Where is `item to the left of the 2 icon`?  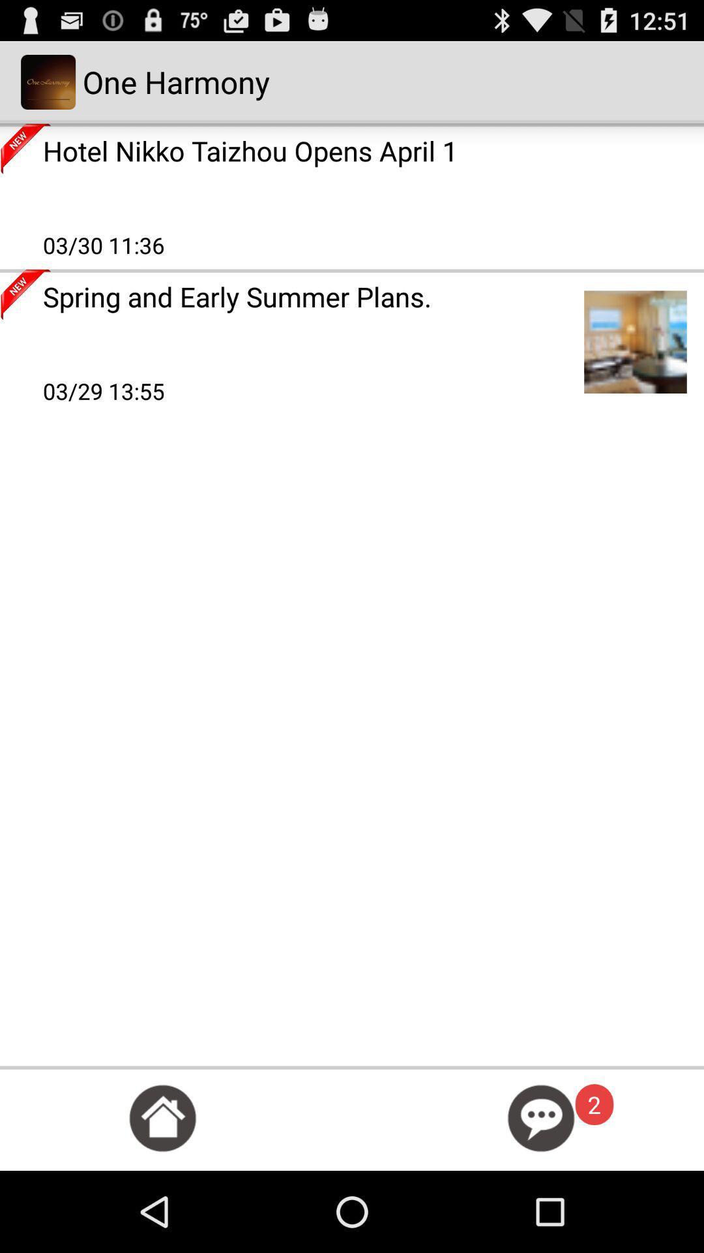
item to the left of the 2 icon is located at coordinates (541, 1117).